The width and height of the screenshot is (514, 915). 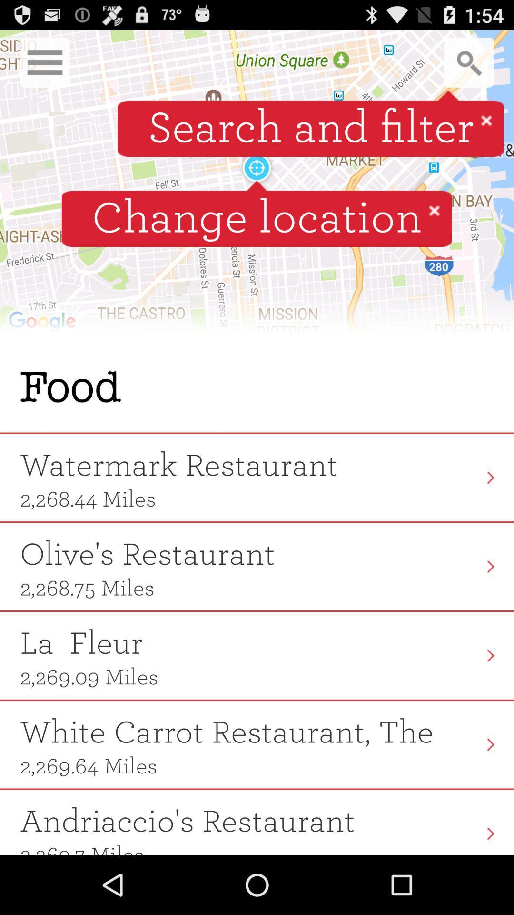 What do you see at coordinates (486, 120) in the screenshot?
I see `button` at bounding box center [486, 120].